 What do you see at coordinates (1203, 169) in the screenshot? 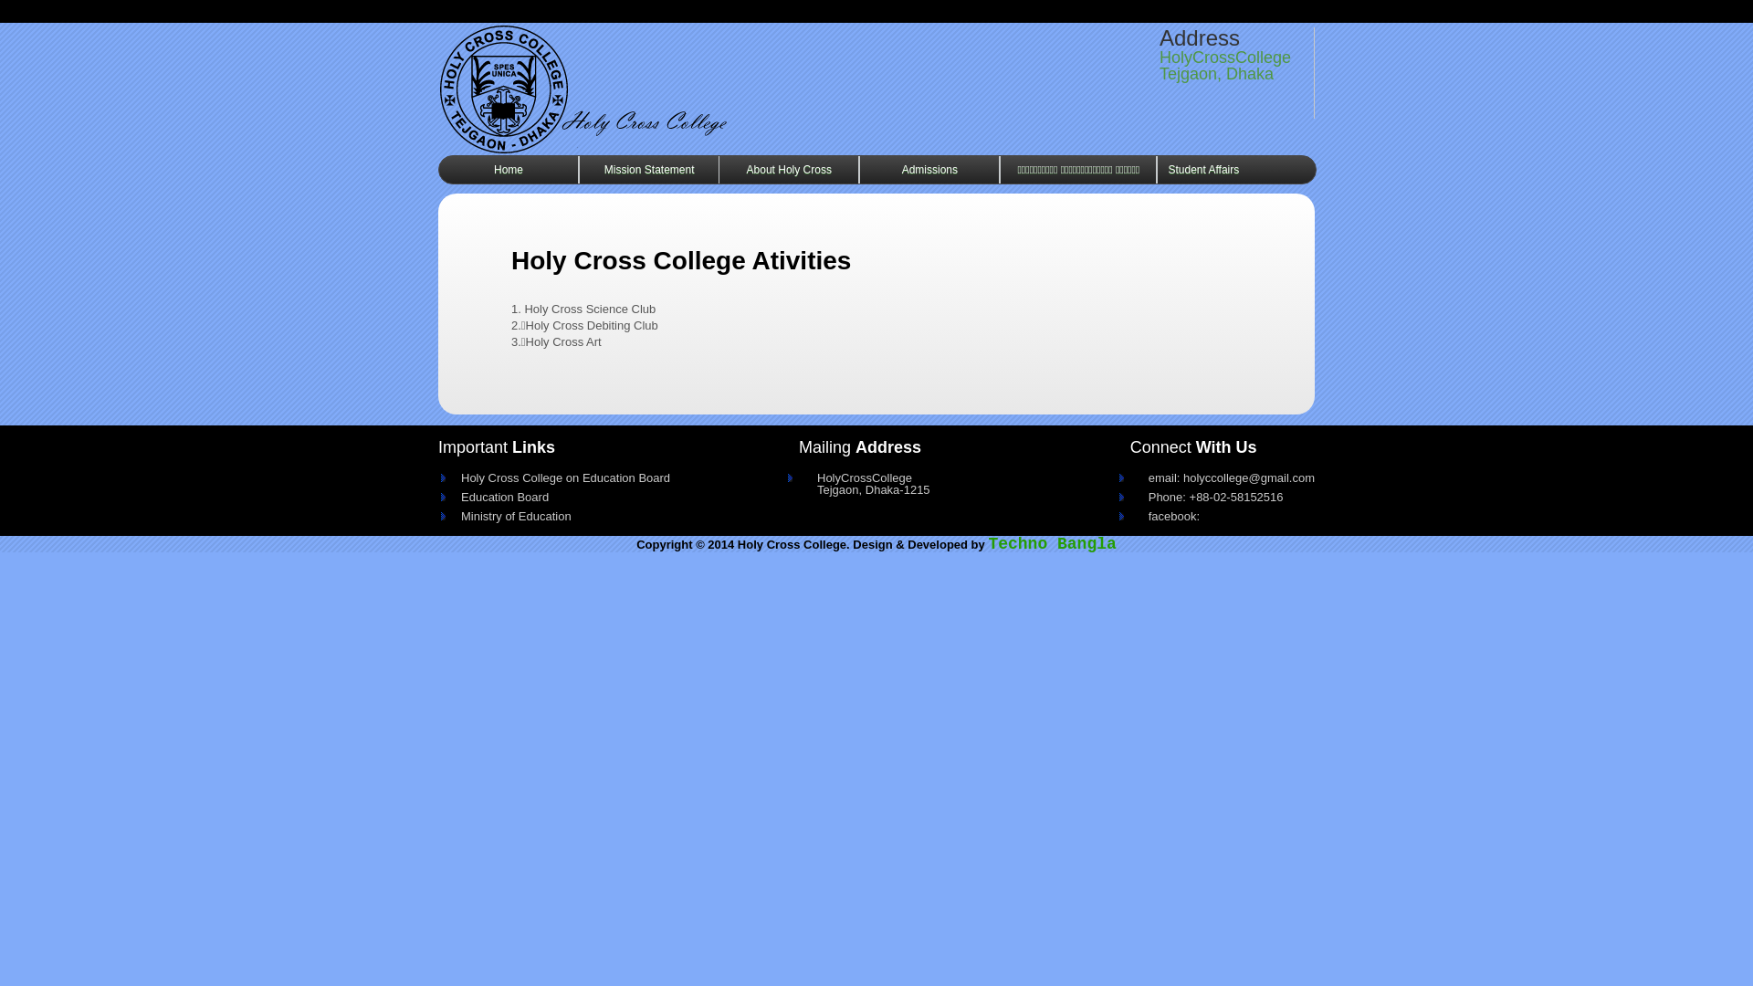
I see `'Student Affairs'` at bounding box center [1203, 169].